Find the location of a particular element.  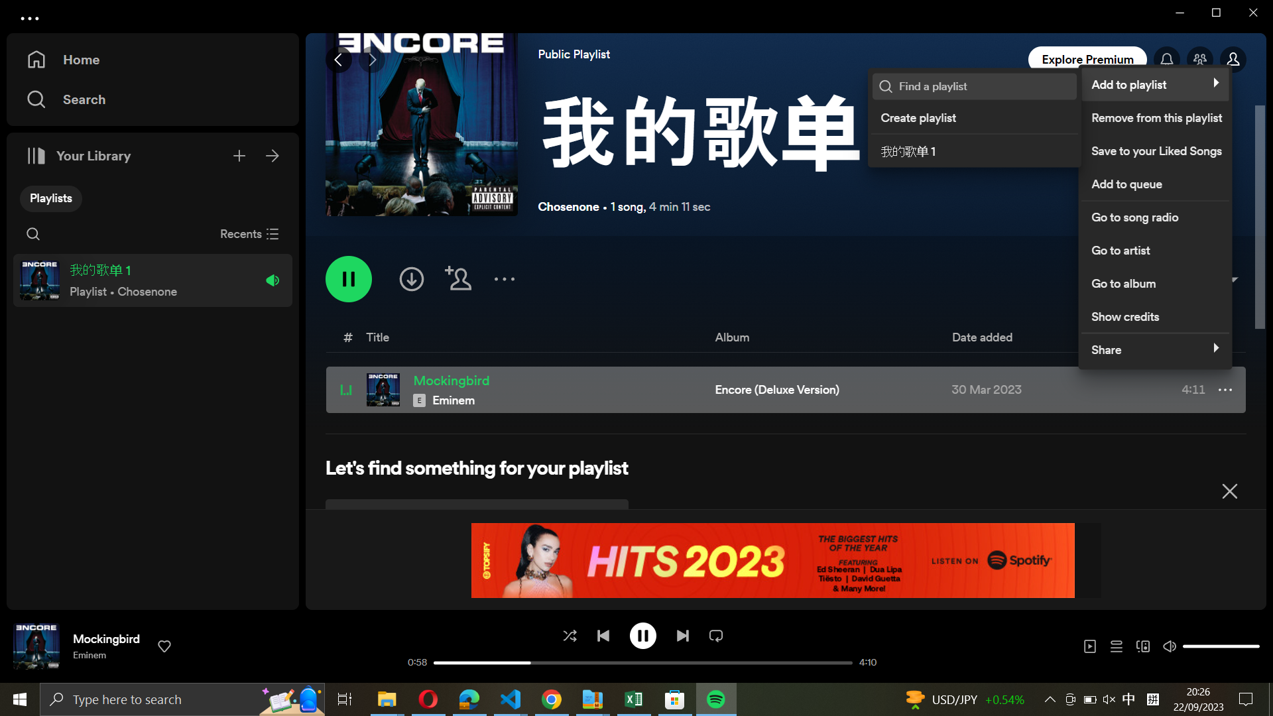

the album folder is located at coordinates (1152, 280).